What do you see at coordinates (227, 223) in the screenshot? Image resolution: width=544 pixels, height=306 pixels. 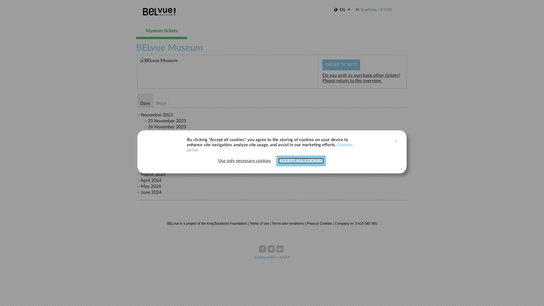 I see `'King Baudouin Foundation'` at bounding box center [227, 223].